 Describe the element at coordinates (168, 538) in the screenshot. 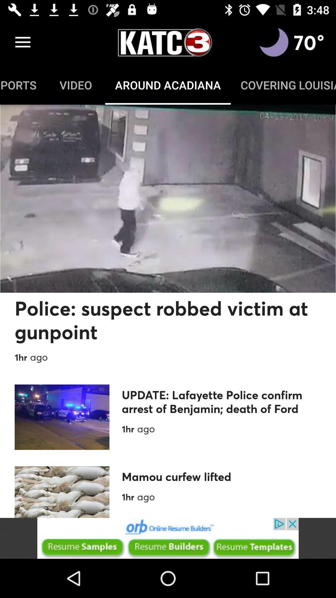

I see `opens advertisement` at that location.